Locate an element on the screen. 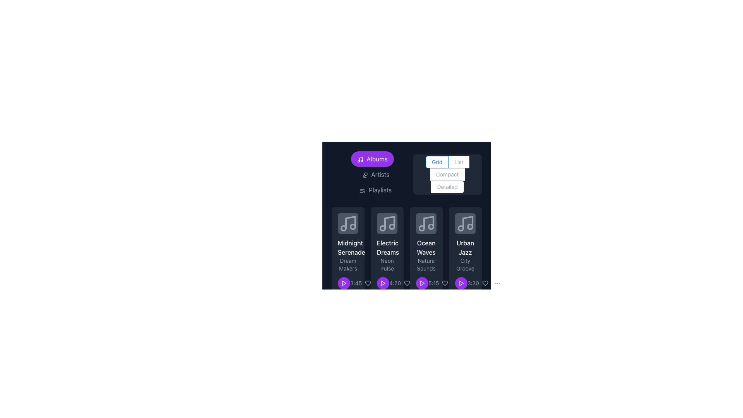 This screenshot has width=743, height=418. the Decorative Icon representing the music album 'Ocean Waves', which is located in the third card titled 'Ocean Waves' with the description 'Nature Sounds' is located at coordinates (426, 223).